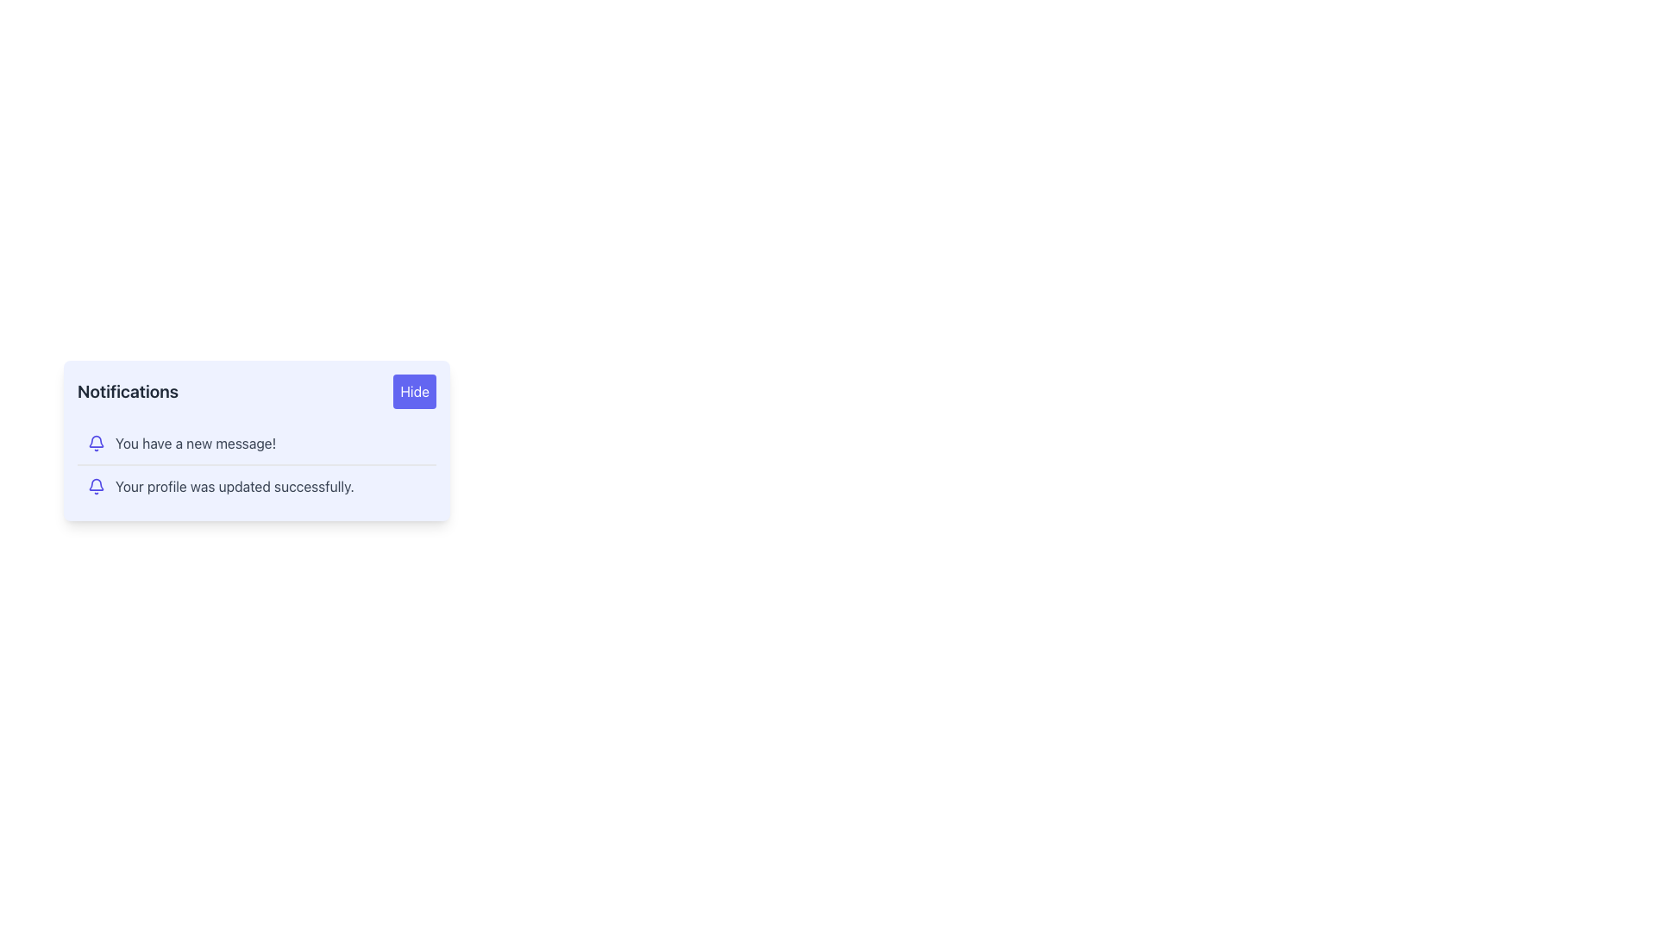 The image size is (1656, 932). What do you see at coordinates (255, 486) in the screenshot?
I see `the second notification message indicating a successful profile update, located below the 'You have a new message!' notification` at bounding box center [255, 486].